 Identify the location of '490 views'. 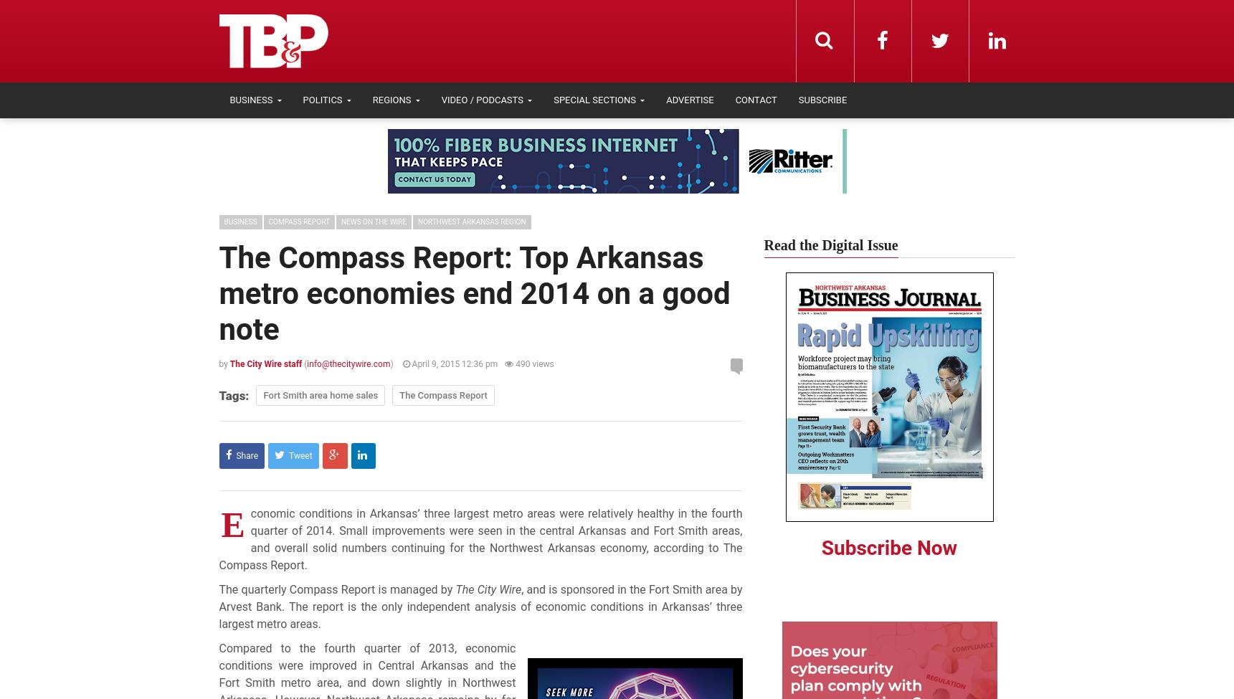
(533, 363).